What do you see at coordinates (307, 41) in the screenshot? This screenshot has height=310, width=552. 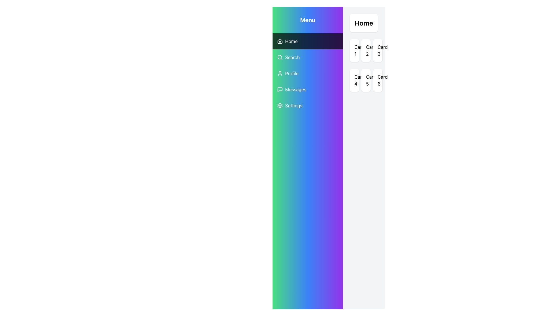 I see `the first menu item button in the left sidebar` at bounding box center [307, 41].